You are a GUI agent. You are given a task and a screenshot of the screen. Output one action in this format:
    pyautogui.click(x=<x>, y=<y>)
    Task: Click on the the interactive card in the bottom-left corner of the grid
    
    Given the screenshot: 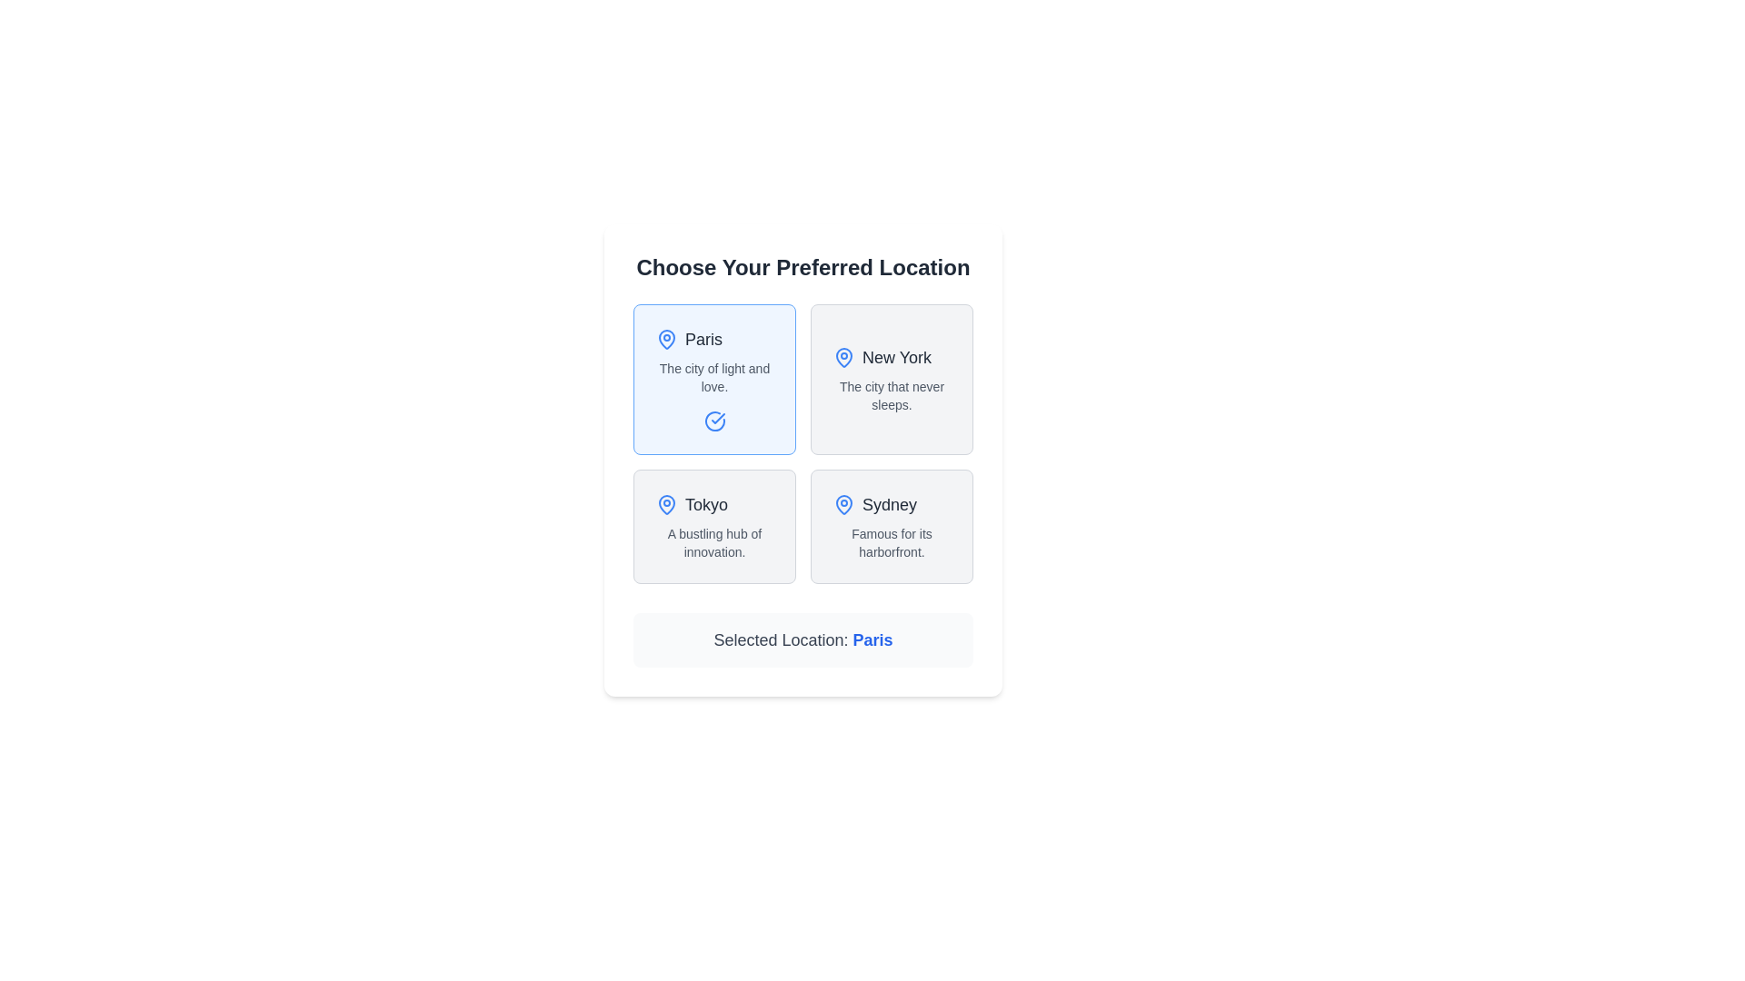 What is the action you would take?
    pyautogui.click(x=713, y=526)
    